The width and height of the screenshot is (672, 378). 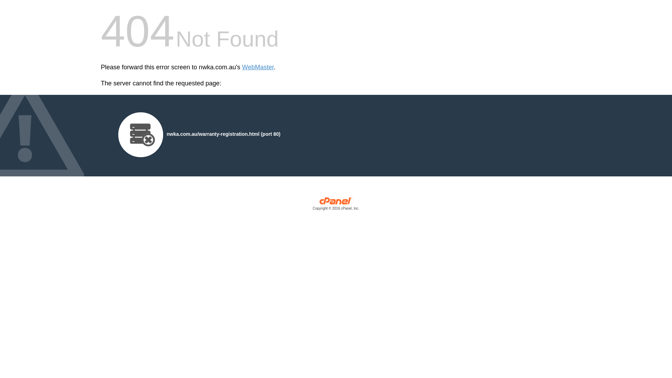 What do you see at coordinates (258, 67) in the screenshot?
I see `'WebMaster'` at bounding box center [258, 67].